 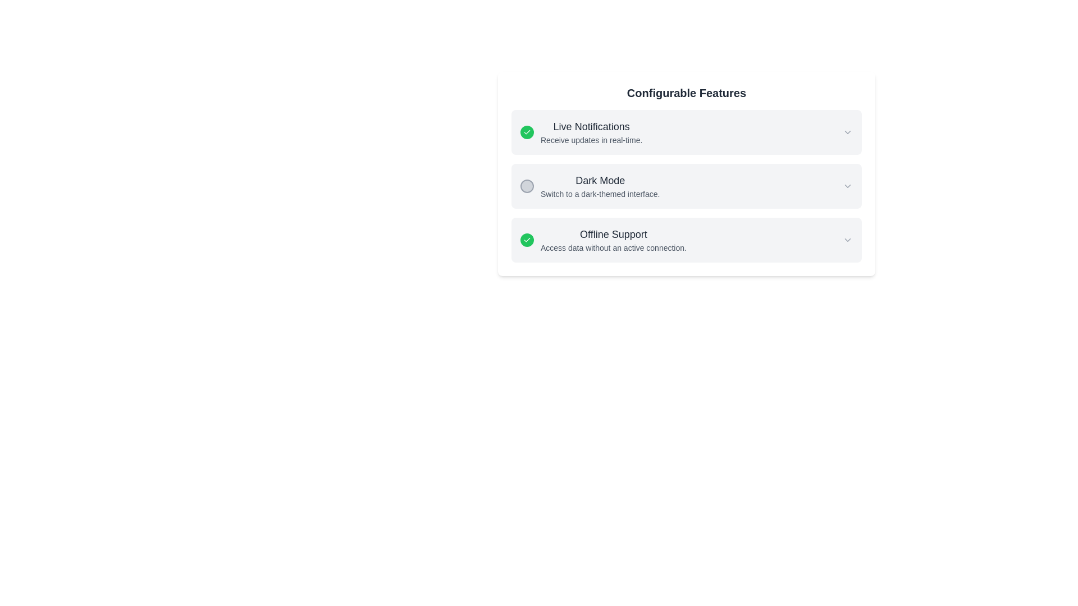 I want to click on the 'Dark Mode' label which is styled with a large bold font and is located above the description text in the settings section, so click(x=600, y=180).